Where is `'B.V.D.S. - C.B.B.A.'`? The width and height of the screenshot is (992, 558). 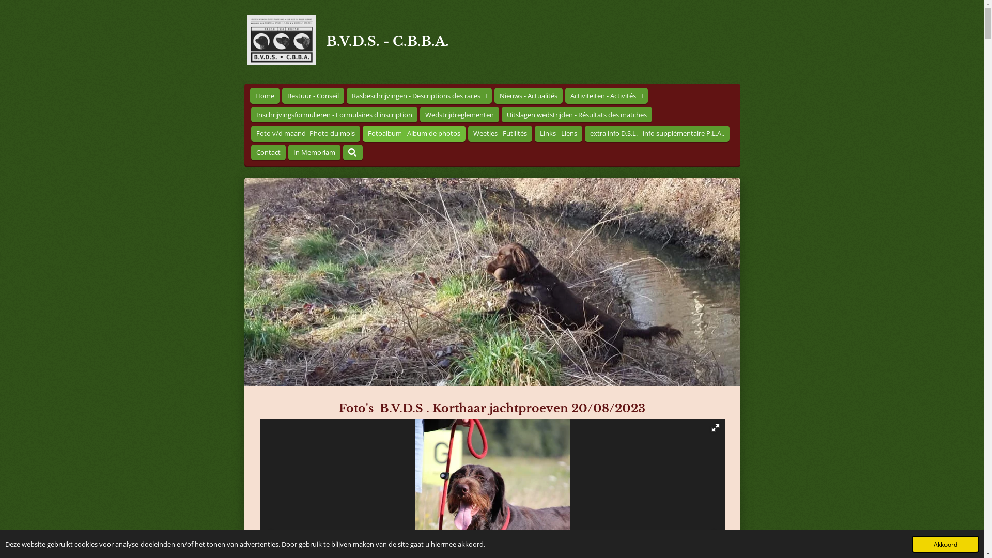
'B.V.D.S. - C.B.B.A.' is located at coordinates (387, 40).